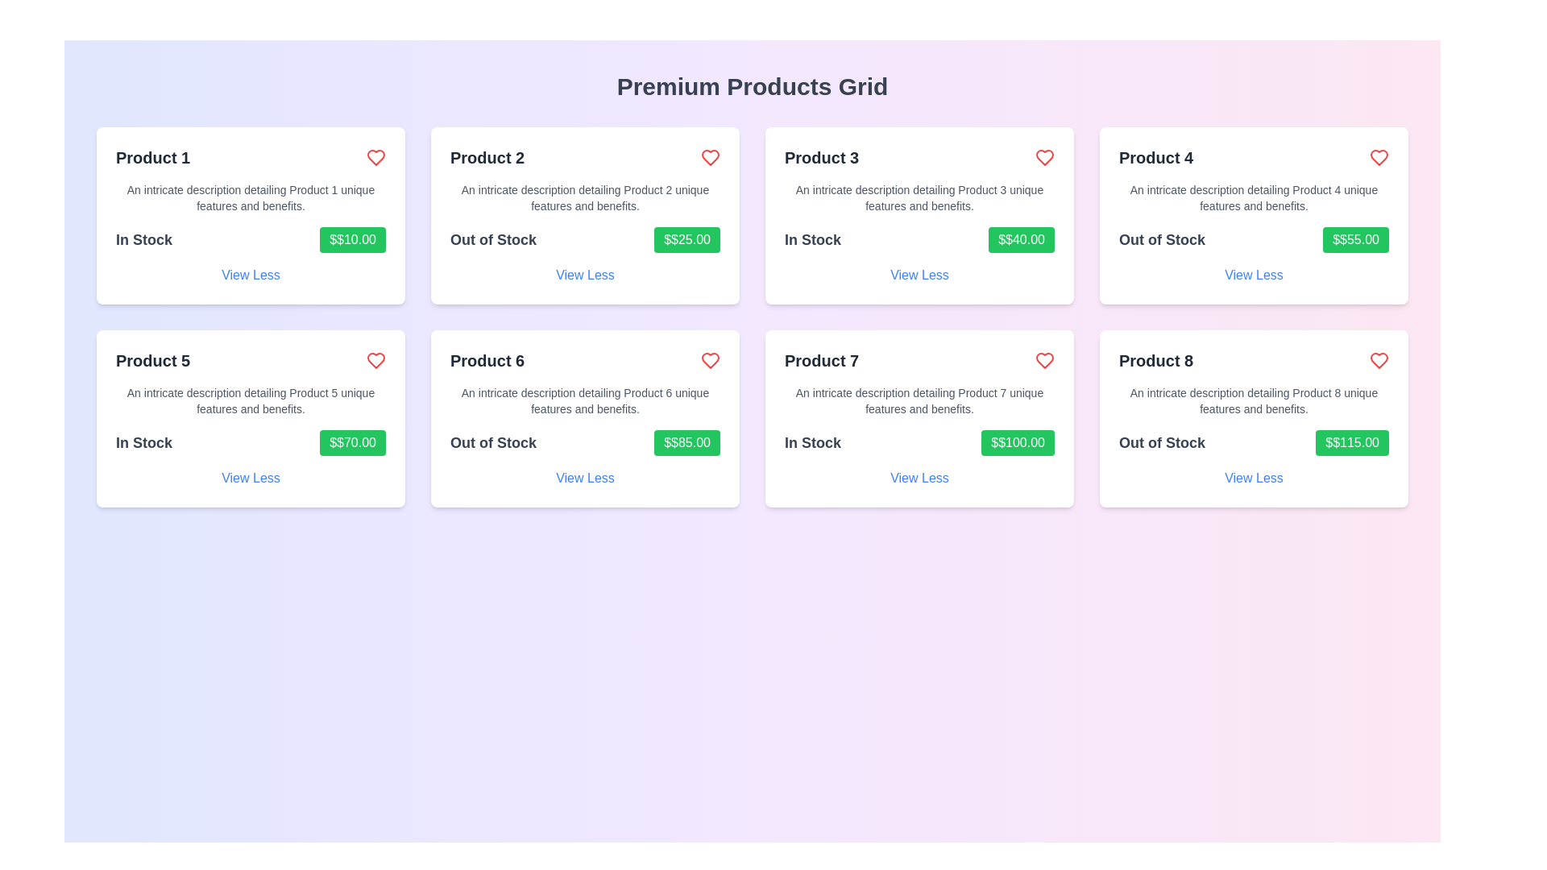  What do you see at coordinates (1379, 158) in the screenshot?
I see `the heart-shaped icon in the top-right corner of the card displaying information about Product 4` at bounding box center [1379, 158].